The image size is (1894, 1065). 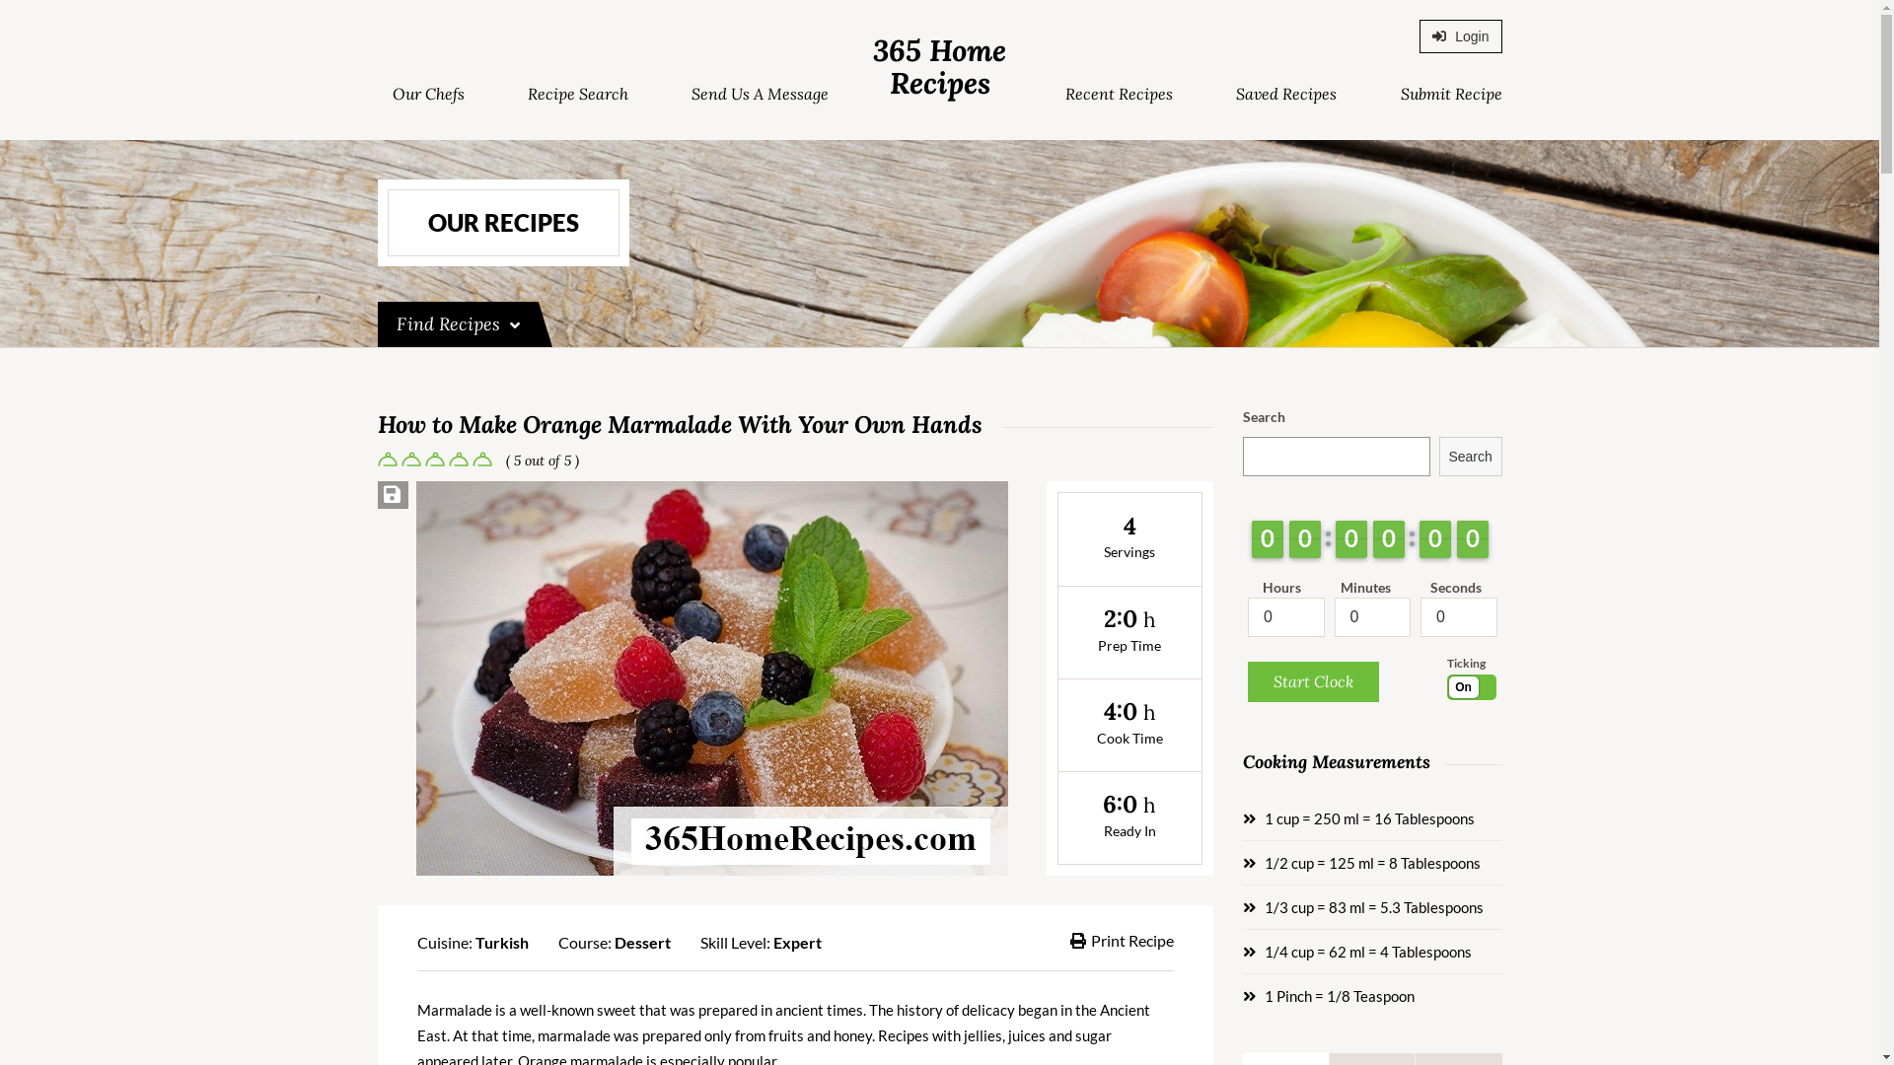 I want to click on '365 Home Recipes', so click(x=938, y=66).